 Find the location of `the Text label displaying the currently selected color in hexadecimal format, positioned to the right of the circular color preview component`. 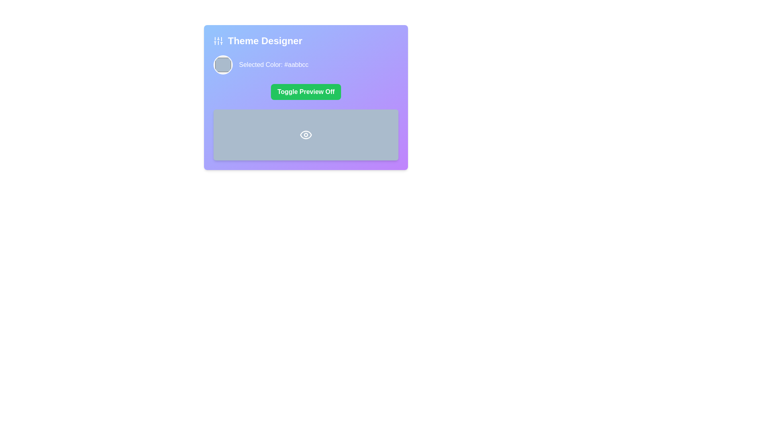

the Text label displaying the currently selected color in hexadecimal format, positioned to the right of the circular color preview component is located at coordinates (274, 64).